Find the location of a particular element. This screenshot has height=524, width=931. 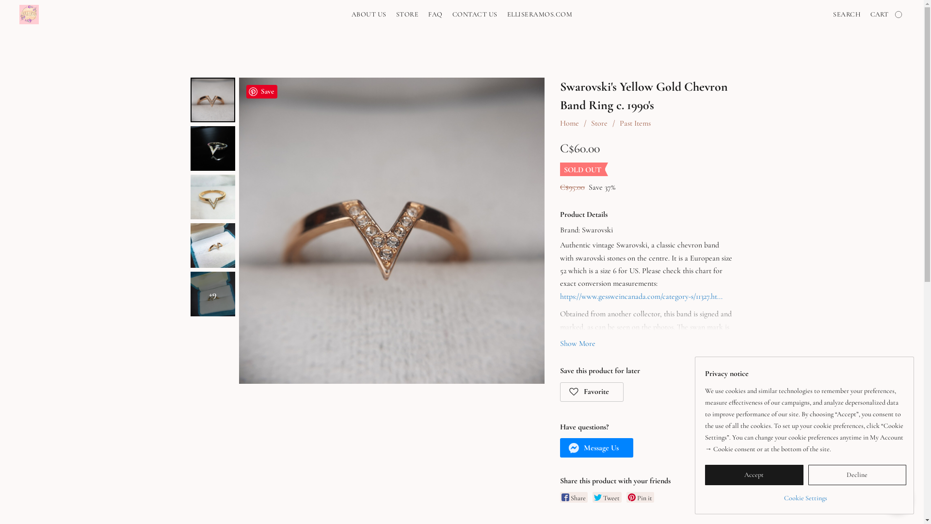

'Accept' is located at coordinates (705, 475).